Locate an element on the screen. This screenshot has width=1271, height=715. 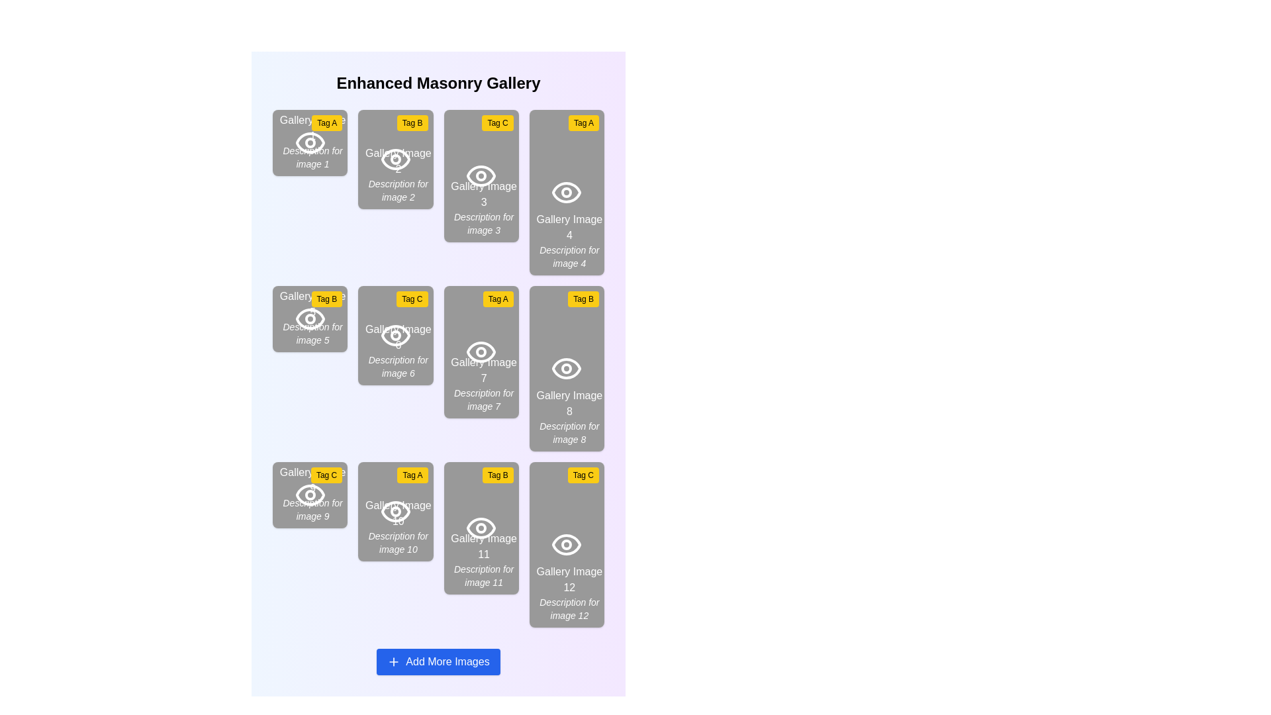
the text 'Gallery Image 6' in the bottom-left corner of the card is located at coordinates (397, 350).